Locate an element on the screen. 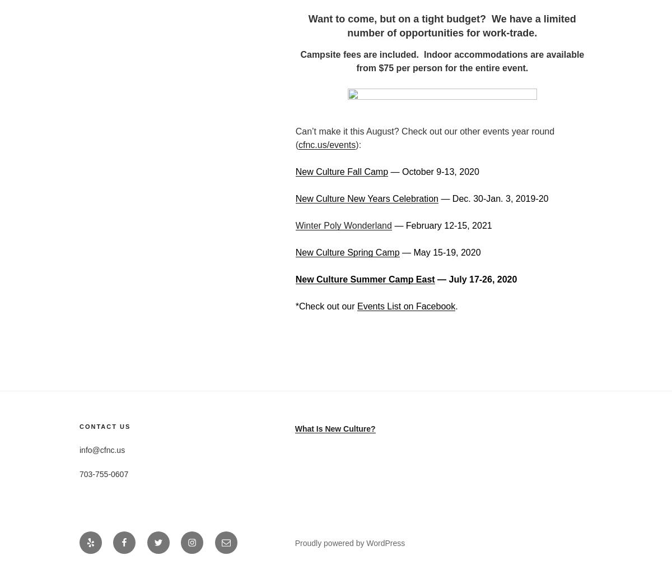  'Events List on Facebook' is located at coordinates (406, 306).